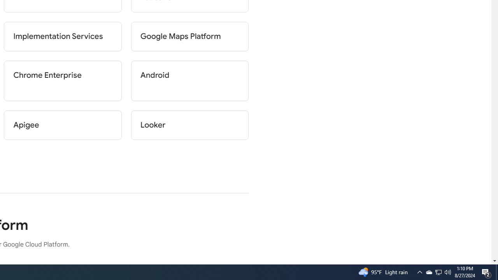 The height and width of the screenshot is (280, 498). Describe the element at coordinates (189, 124) in the screenshot. I see `'Looker'` at that location.